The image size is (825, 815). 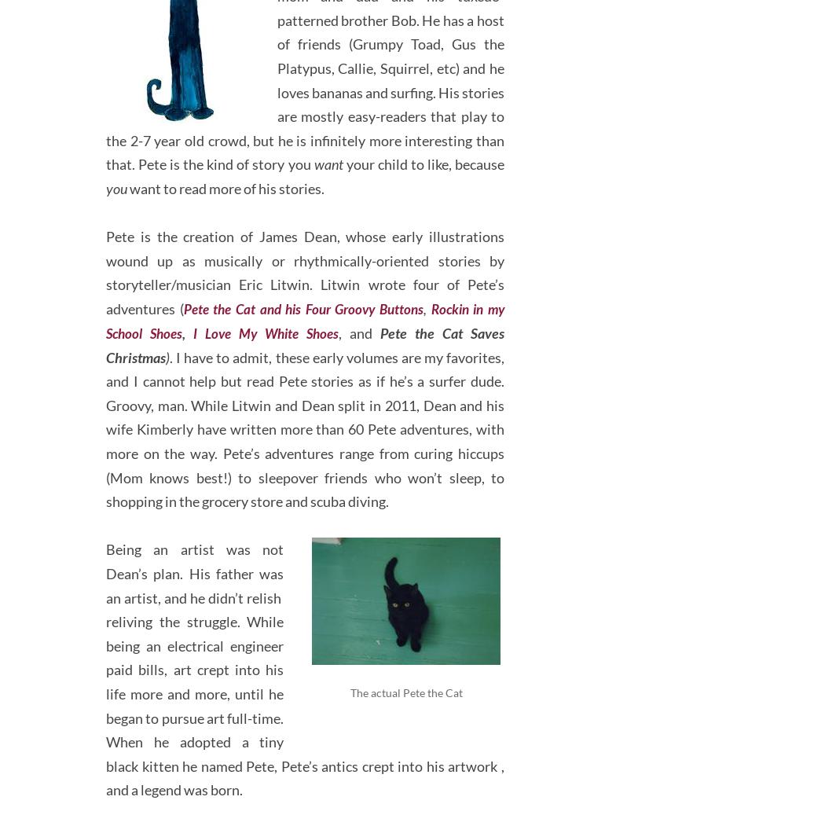 I want to click on 'Pete the Cat and his Four Groovy Buttons', so click(x=302, y=299).